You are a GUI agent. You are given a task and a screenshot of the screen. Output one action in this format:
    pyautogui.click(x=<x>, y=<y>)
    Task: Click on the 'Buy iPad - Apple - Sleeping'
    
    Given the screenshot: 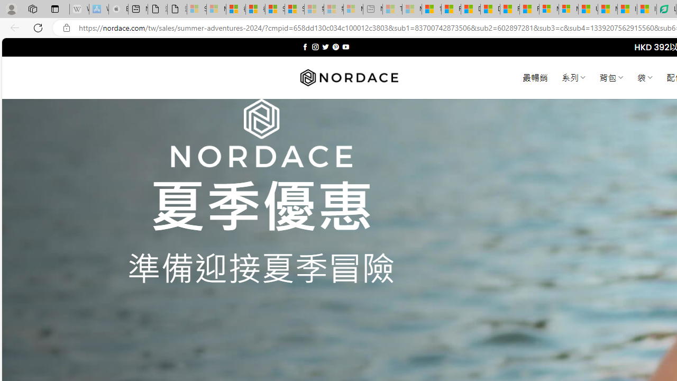 What is the action you would take?
    pyautogui.click(x=118, y=9)
    